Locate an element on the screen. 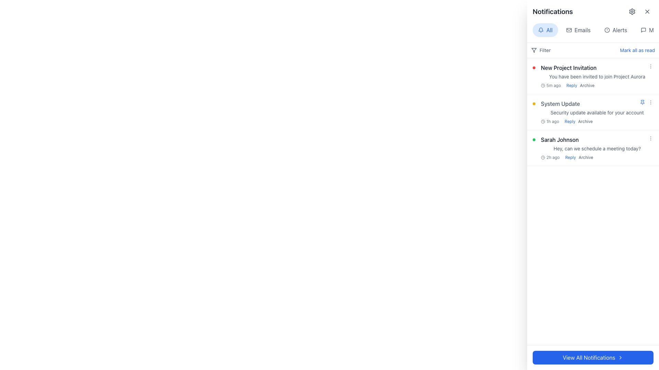  the interactive text button for replying to the notification from 'Sarah Johnson' is located at coordinates (570, 157).